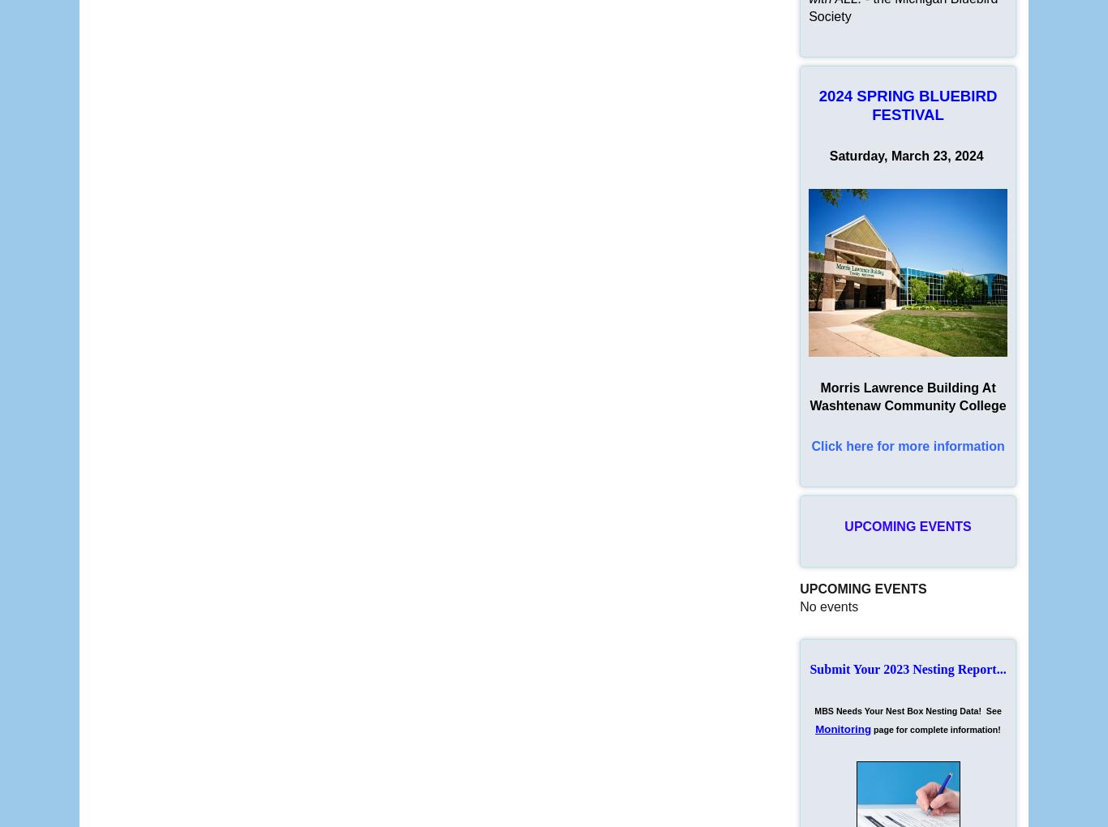 This screenshot has width=1108, height=827. What do you see at coordinates (907, 396) in the screenshot?
I see `'Morris Lawrence Building At Washtenaw Community College'` at bounding box center [907, 396].